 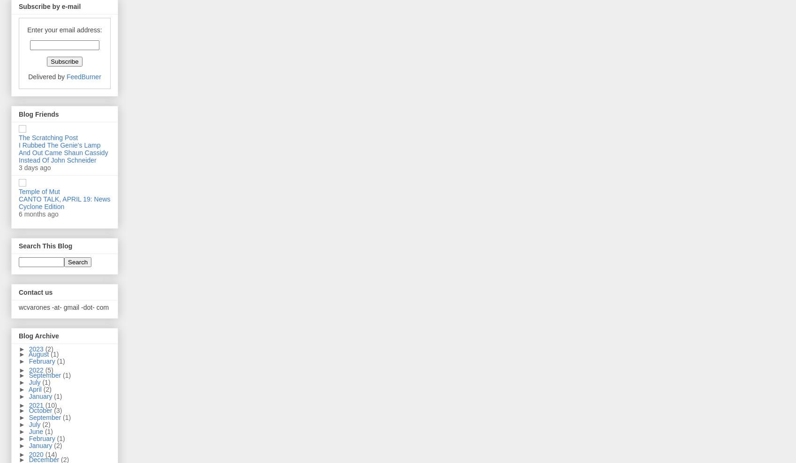 What do you see at coordinates (37, 405) in the screenshot?
I see `'2021'` at bounding box center [37, 405].